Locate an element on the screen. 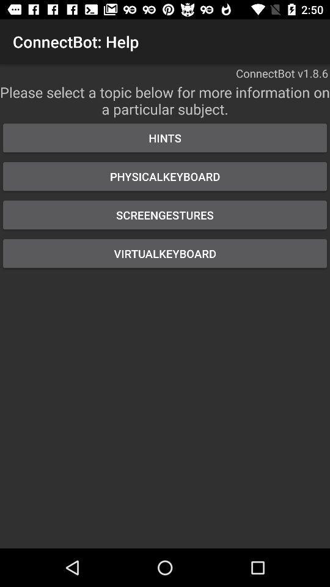 Image resolution: width=330 pixels, height=587 pixels. the physicalkeyboard button is located at coordinates (165, 175).